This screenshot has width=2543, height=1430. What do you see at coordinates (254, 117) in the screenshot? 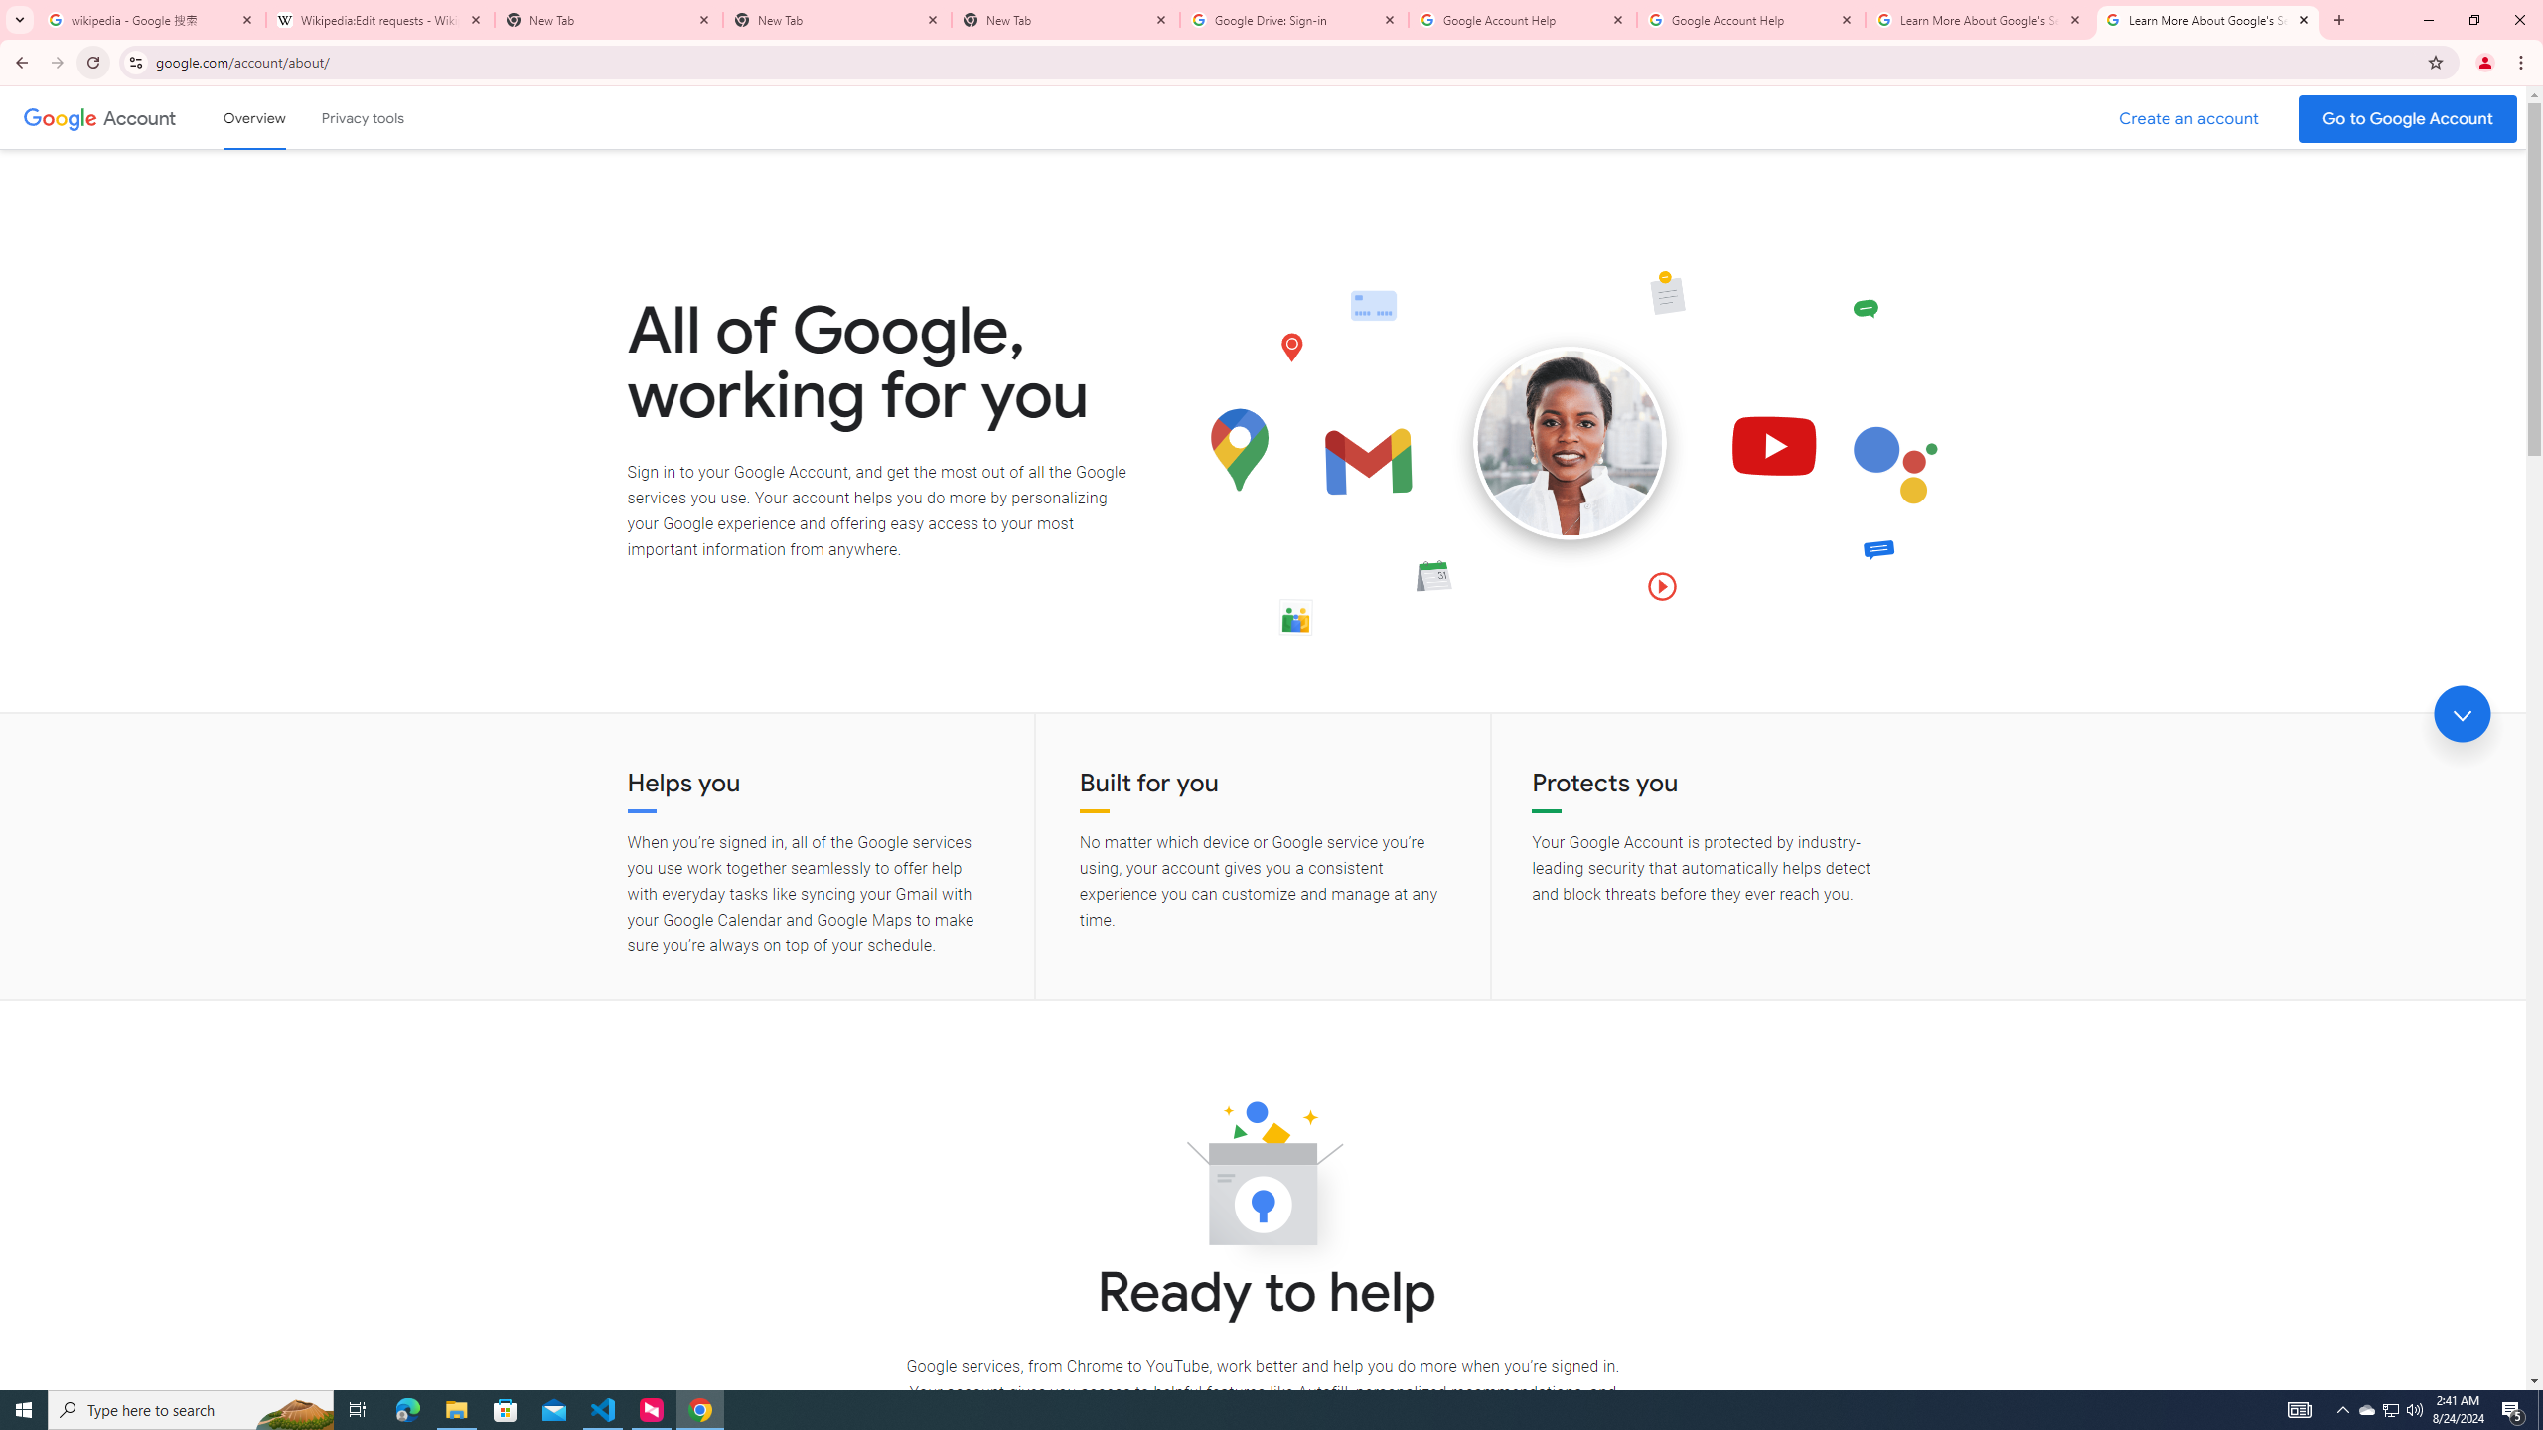
I see `'Google Account overview'` at bounding box center [254, 117].